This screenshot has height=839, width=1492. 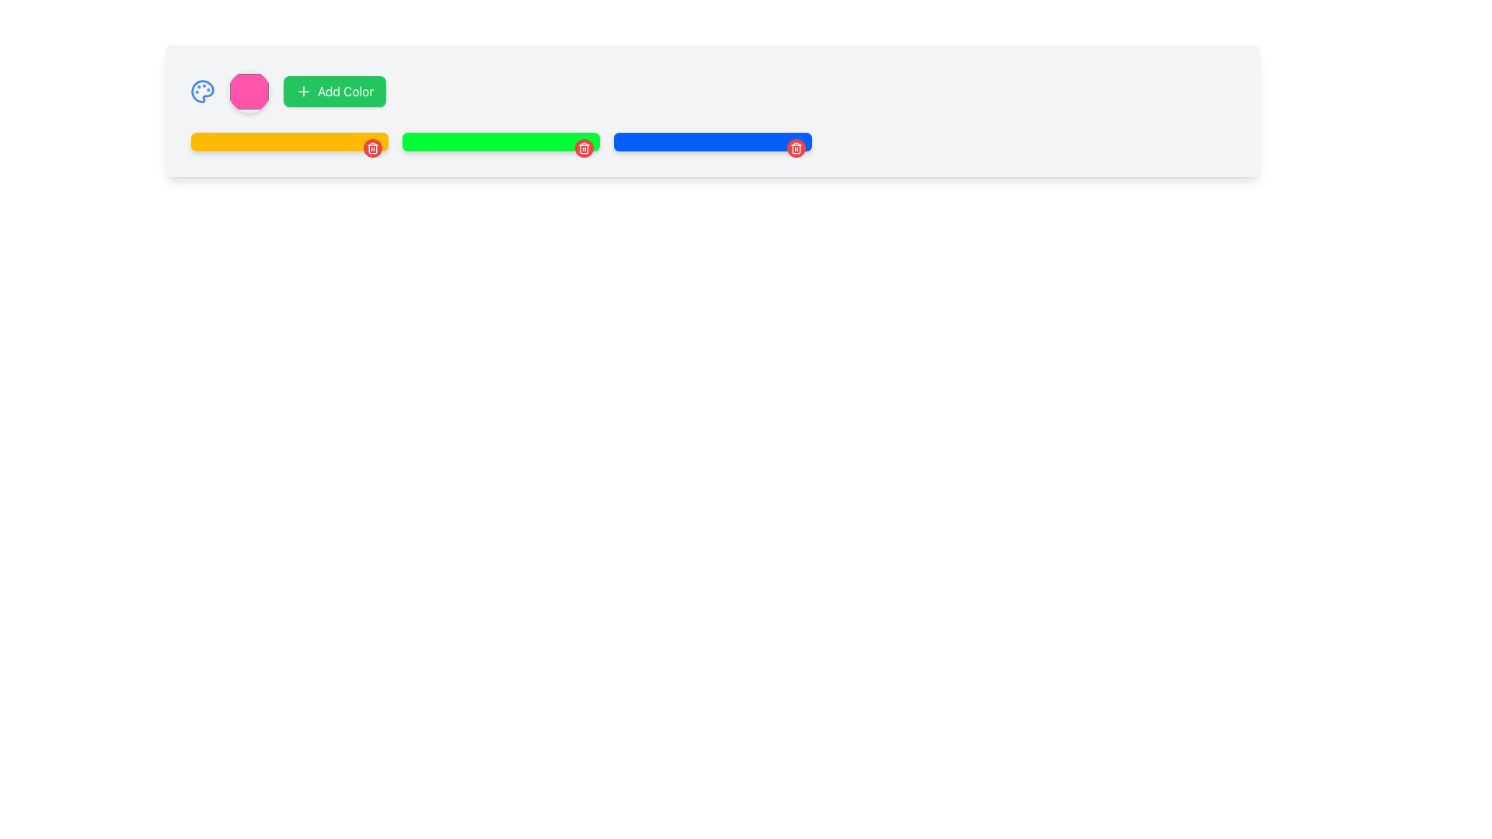 What do you see at coordinates (795, 148) in the screenshot?
I see `the circular red button with a white trash icon in the top-right corner of the blue rectangular section` at bounding box center [795, 148].